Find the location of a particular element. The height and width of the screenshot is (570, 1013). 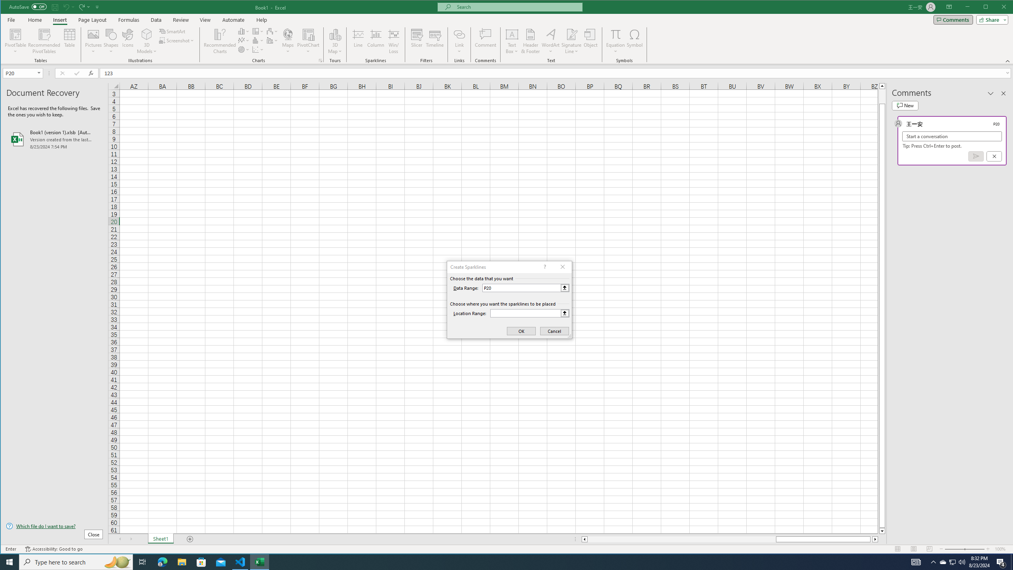

'Column' is located at coordinates (376, 41).